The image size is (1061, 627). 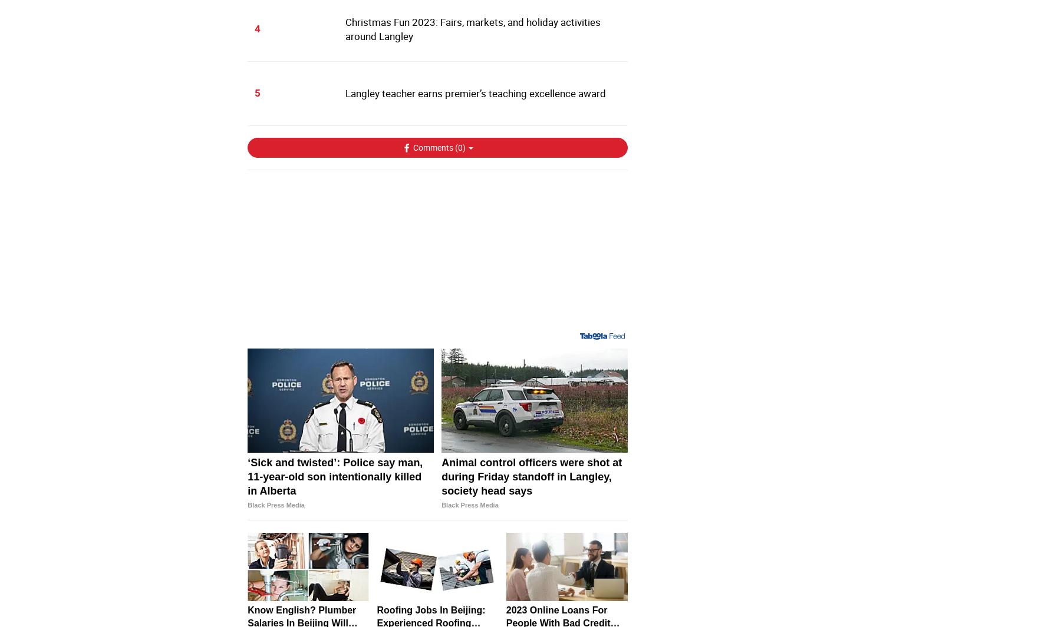 I want to click on 'Man, 66, believed dead in 0 Avenue incident', so click(x=247, y=578).